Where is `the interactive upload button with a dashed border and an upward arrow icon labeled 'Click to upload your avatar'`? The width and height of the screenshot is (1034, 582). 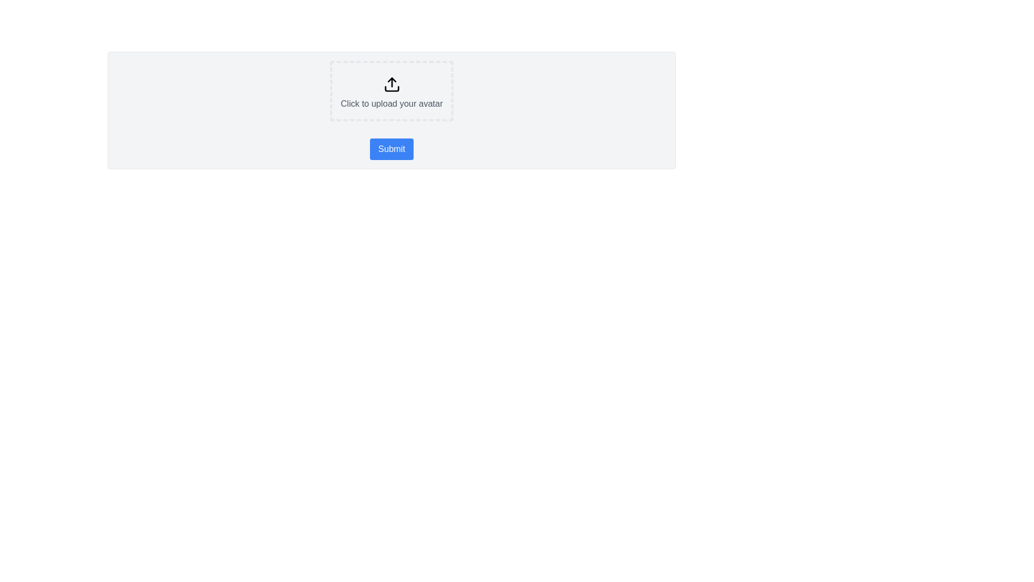 the interactive upload button with a dashed border and an upward arrow icon labeled 'Click to upload your avatar' is located at coordinates (391, 91).